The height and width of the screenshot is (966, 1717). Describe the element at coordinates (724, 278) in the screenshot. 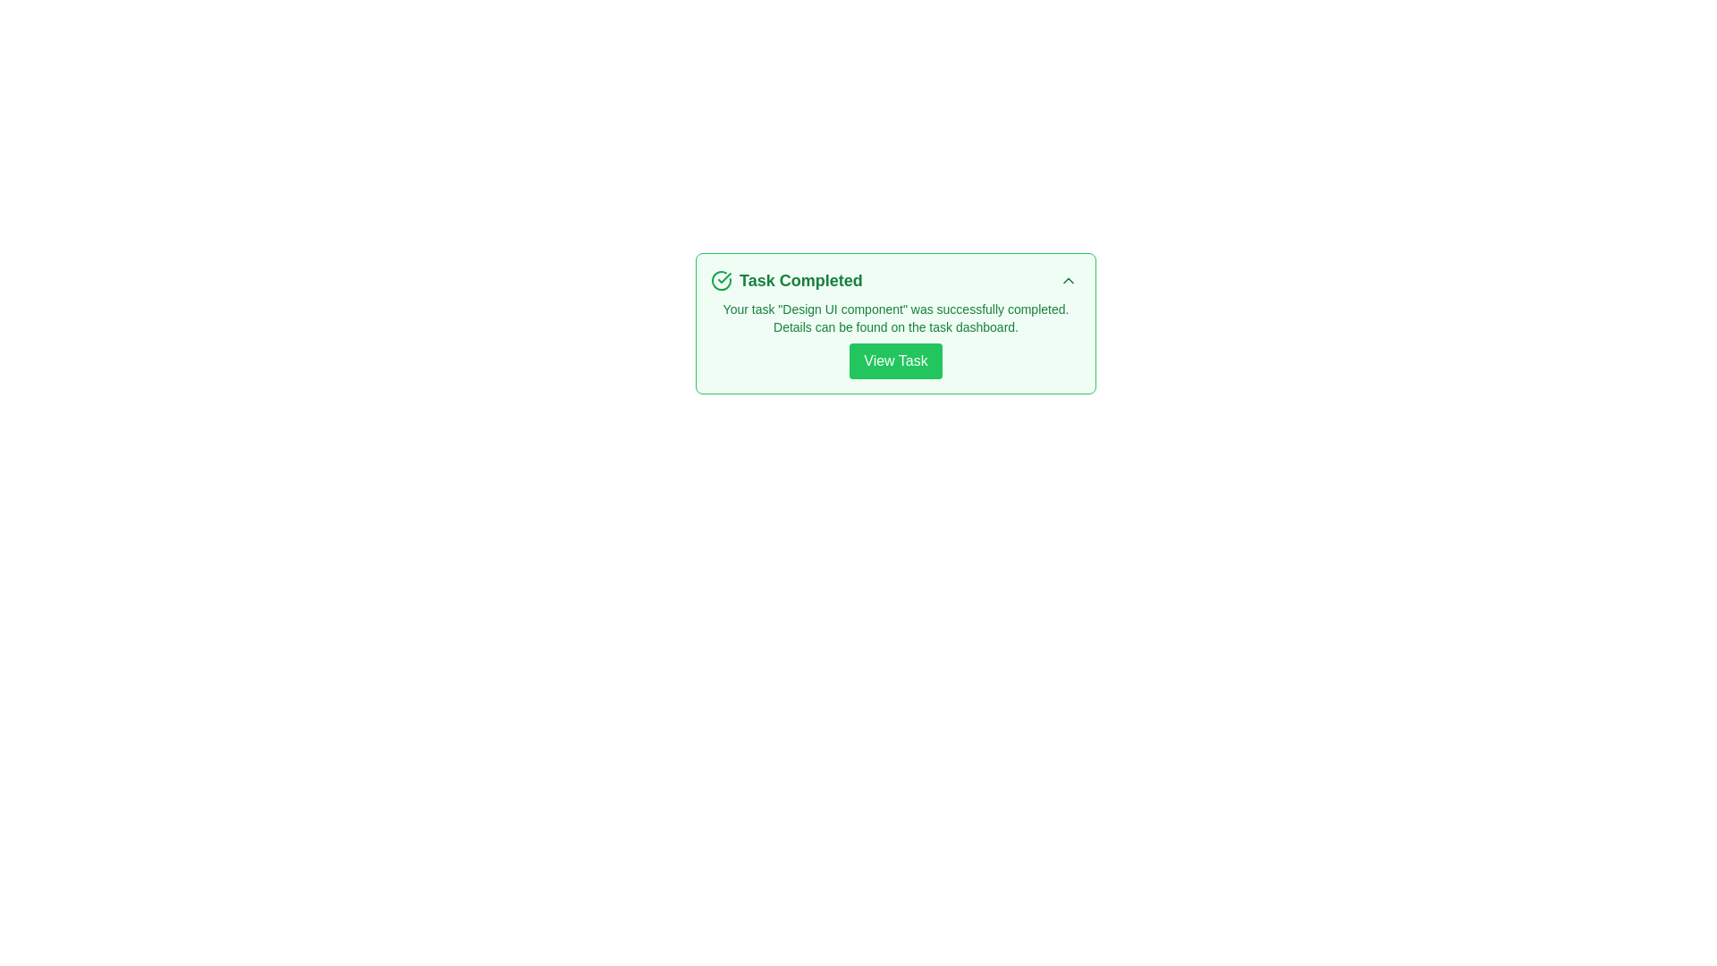

I see `the green checkmark icon within the circular confirmation icon located in the upper-left side of the notification box` at that location.